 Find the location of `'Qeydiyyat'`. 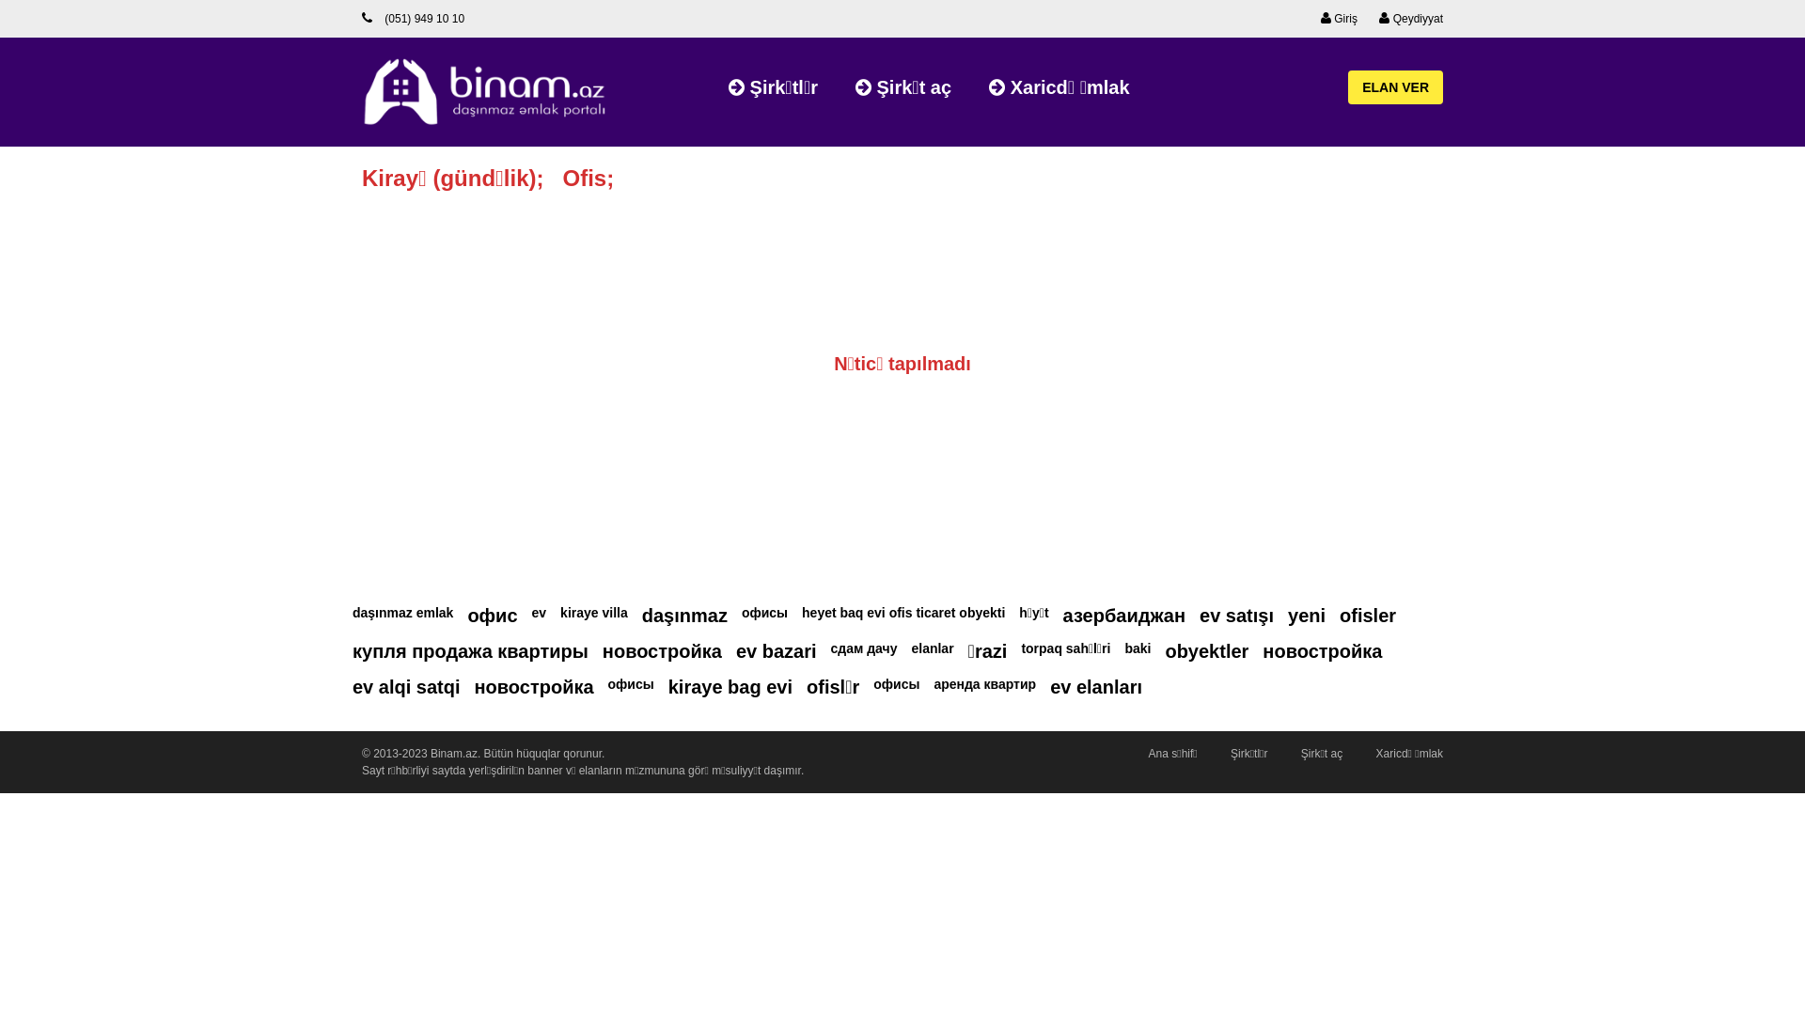

'Qeydiyyat' is located at coordinates (1379, 18).